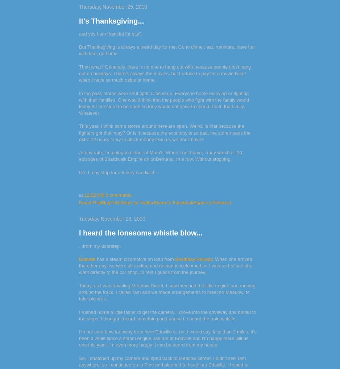  What do you see at coordinates (79, 259) in the screenshot?
I see `'Edaville'` at bounding box center [79, 259].